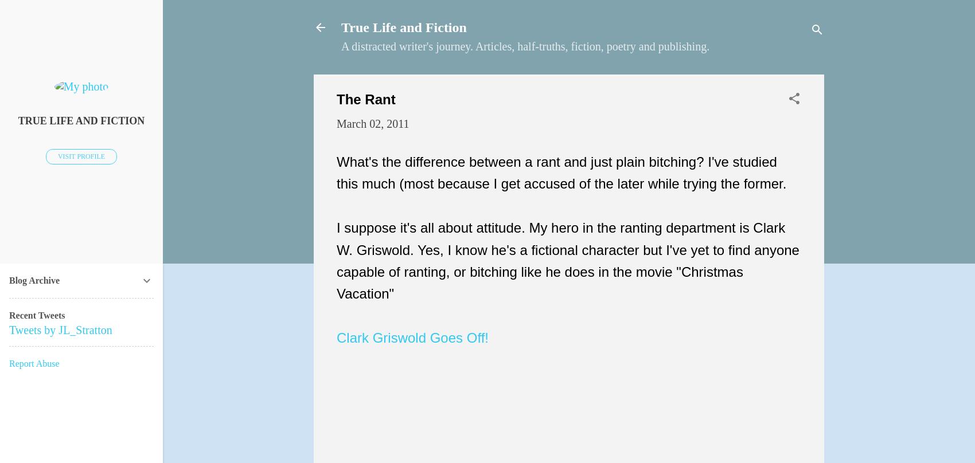  Describe the element at coordinates (60, 329) in the screenshot. I see `'Tweets by JL_Stratton'` at that location.